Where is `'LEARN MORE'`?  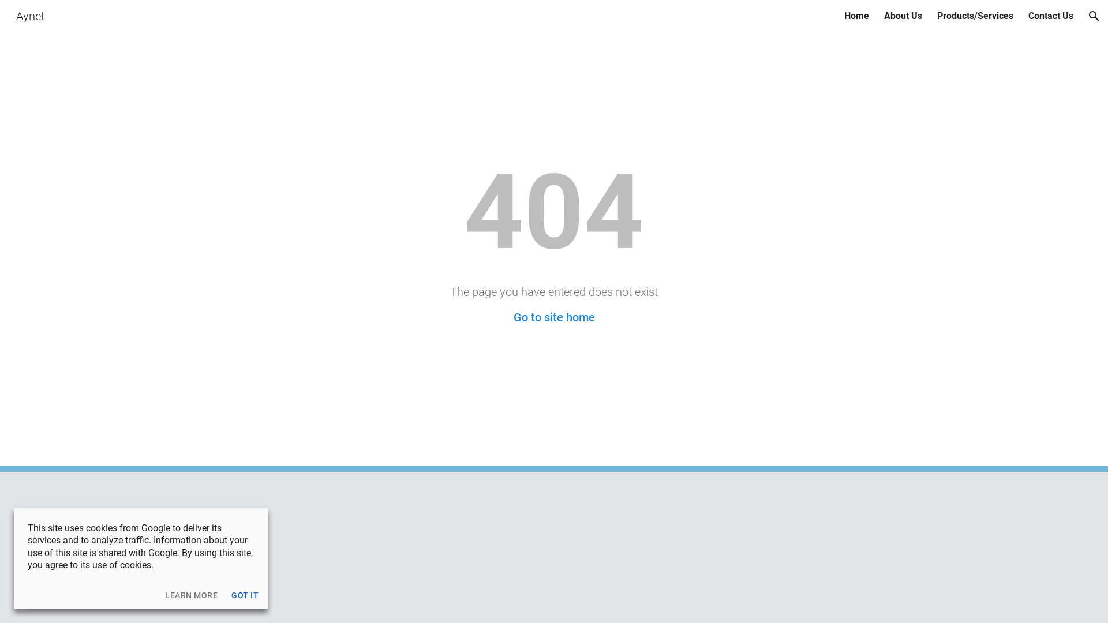 'LEARN MORE' is located at coordinates (191, 595).